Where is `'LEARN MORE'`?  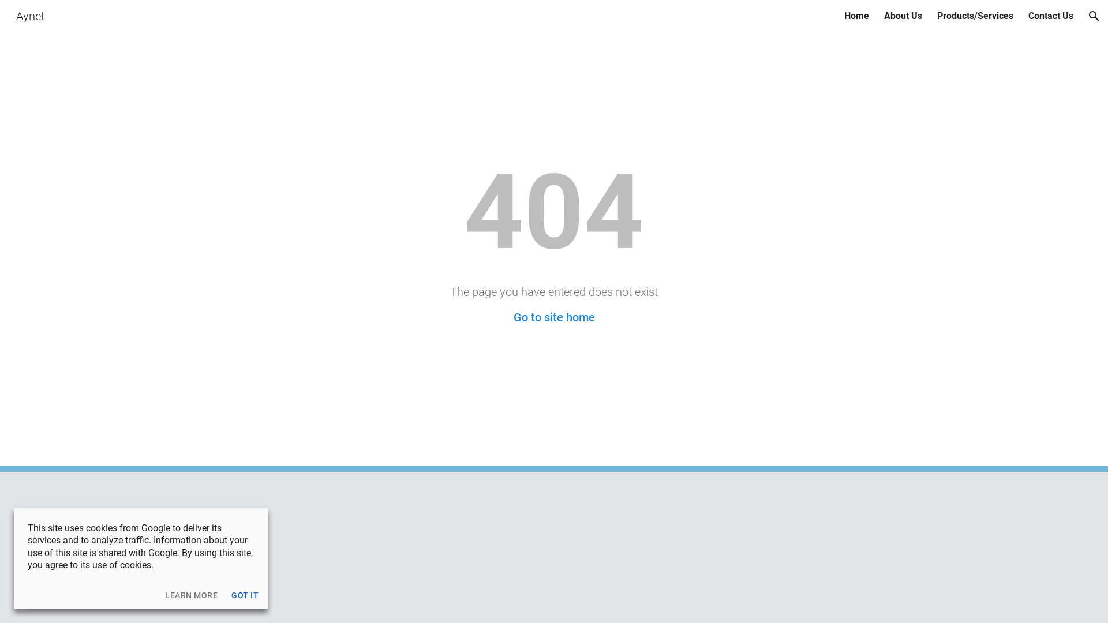 'LEARN MORE' is located at coordinates (191, 595).